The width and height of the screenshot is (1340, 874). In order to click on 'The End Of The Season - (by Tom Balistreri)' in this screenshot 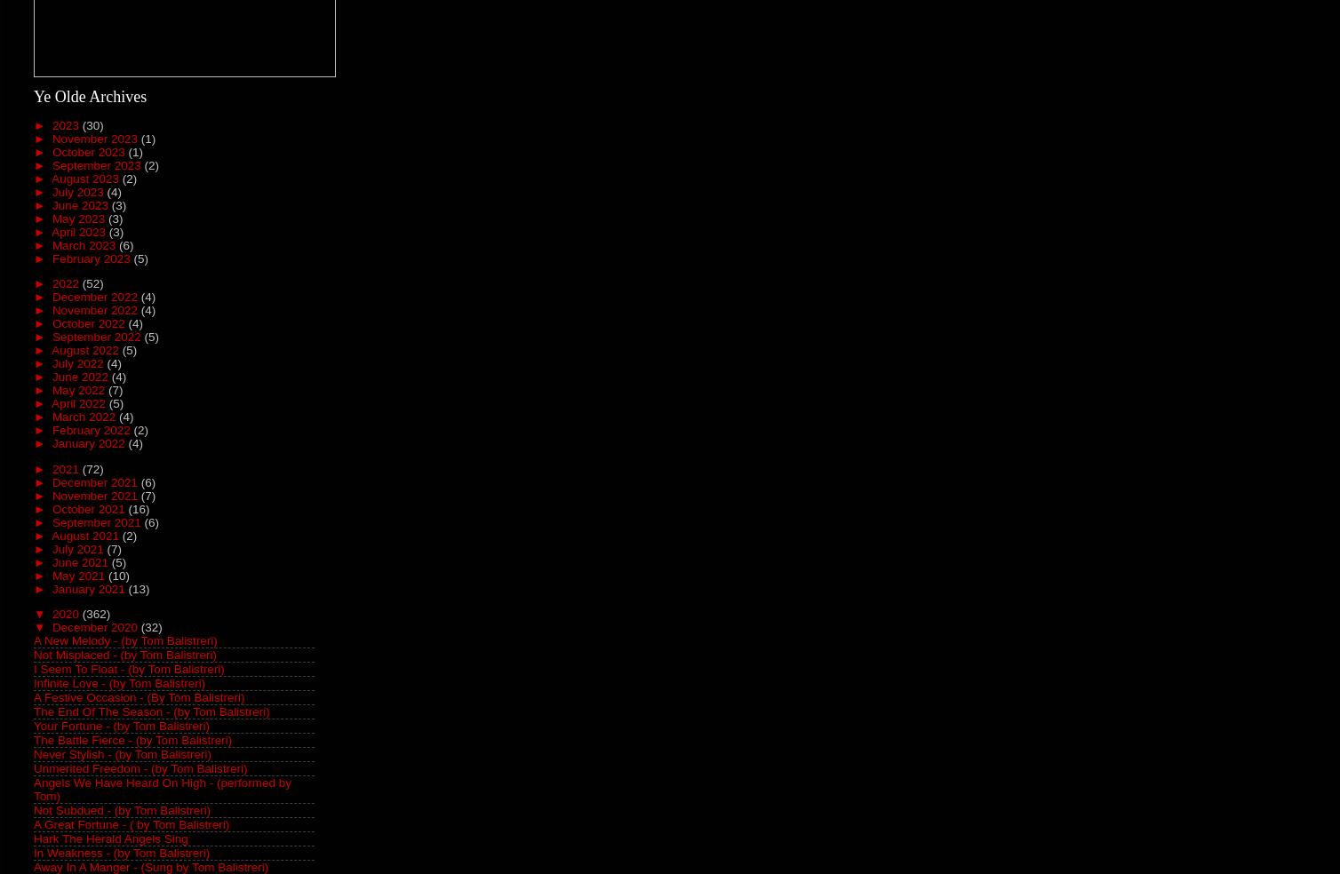, I will do `click(151, 711)`.